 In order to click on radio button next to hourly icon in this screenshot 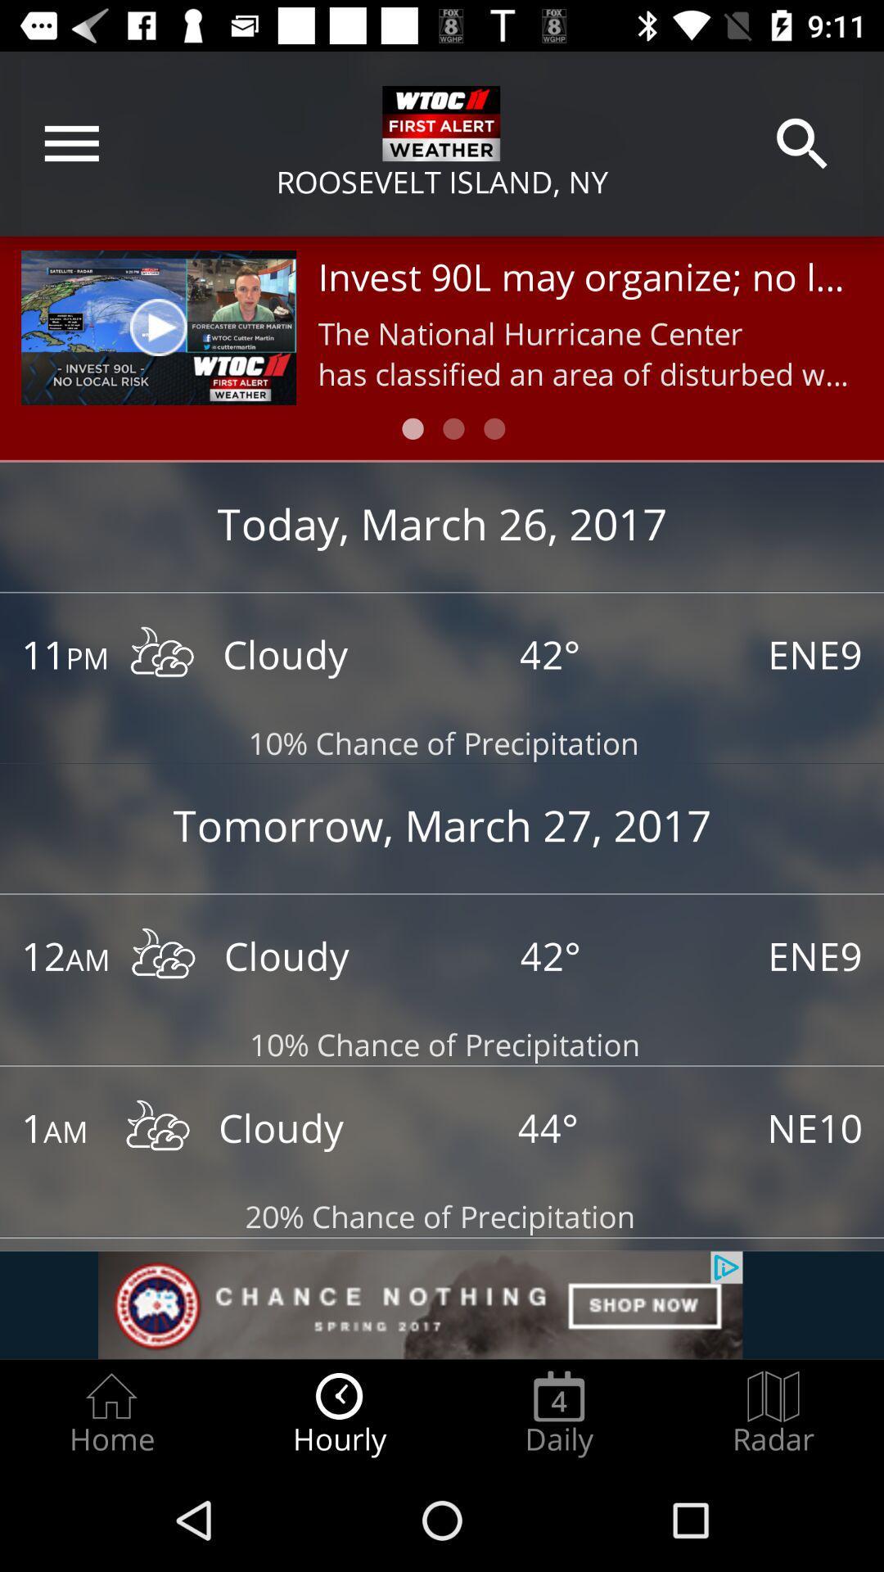, I will do `click(558, 1413)`.